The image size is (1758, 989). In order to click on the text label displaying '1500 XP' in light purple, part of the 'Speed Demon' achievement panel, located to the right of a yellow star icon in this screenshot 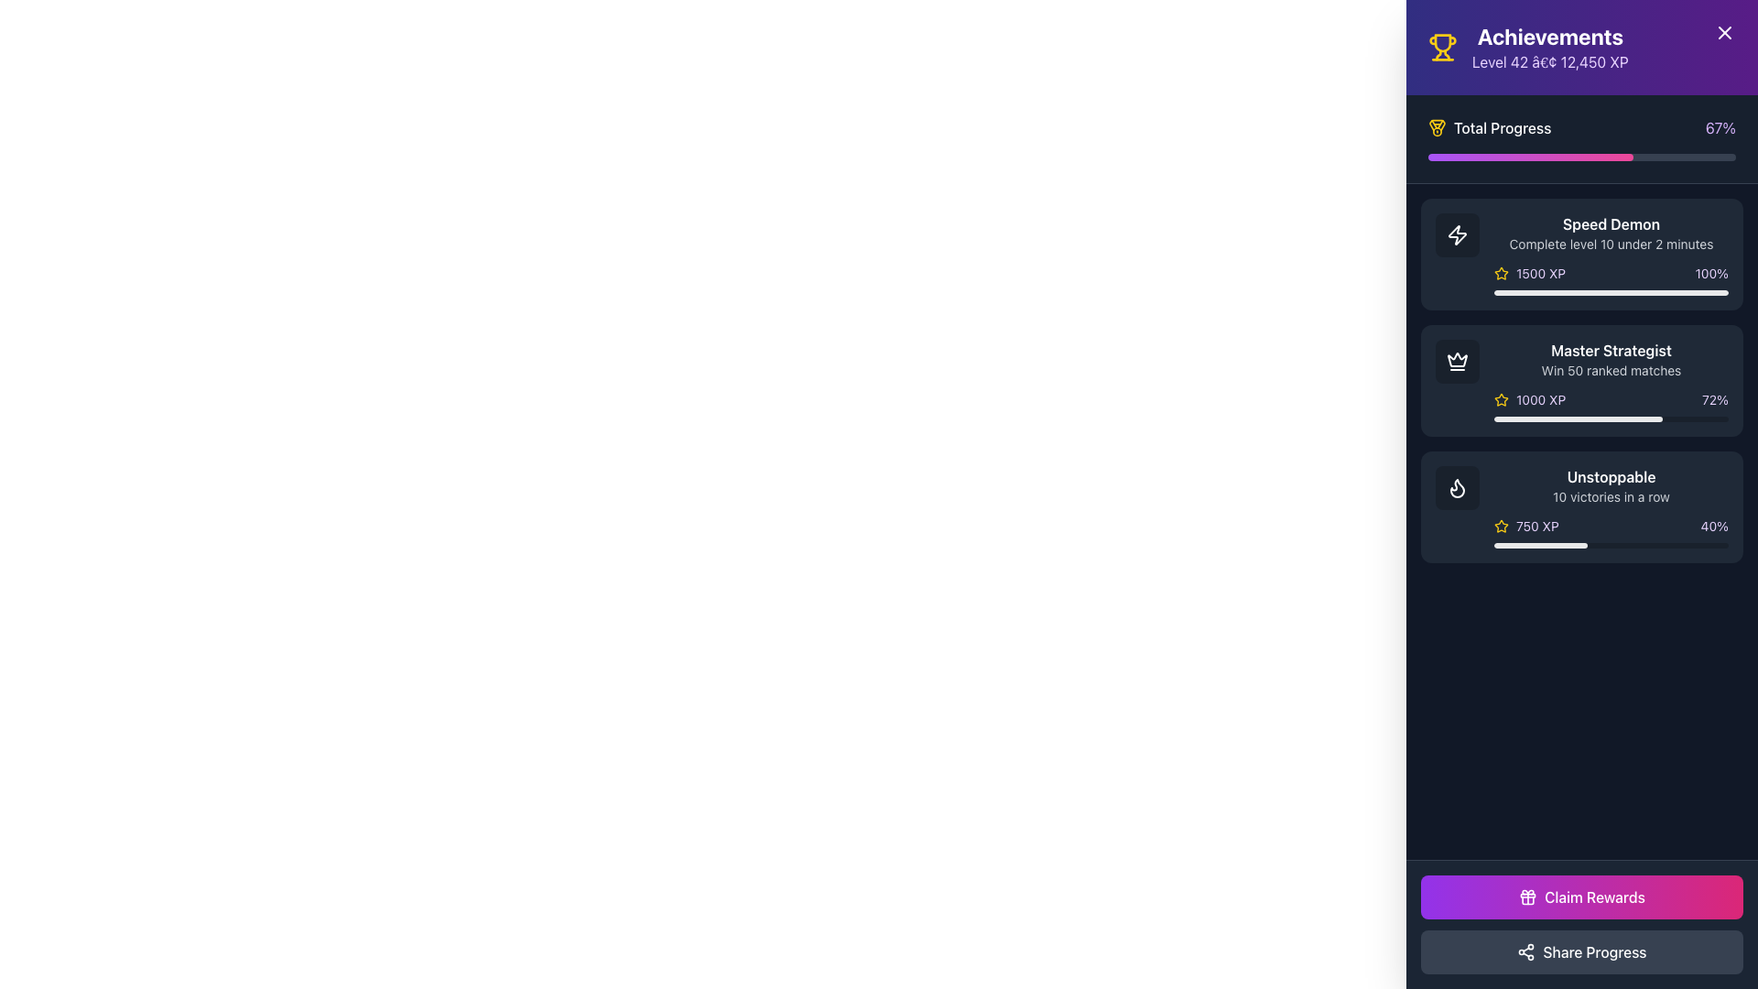, I will do `click(1540, 274)`.